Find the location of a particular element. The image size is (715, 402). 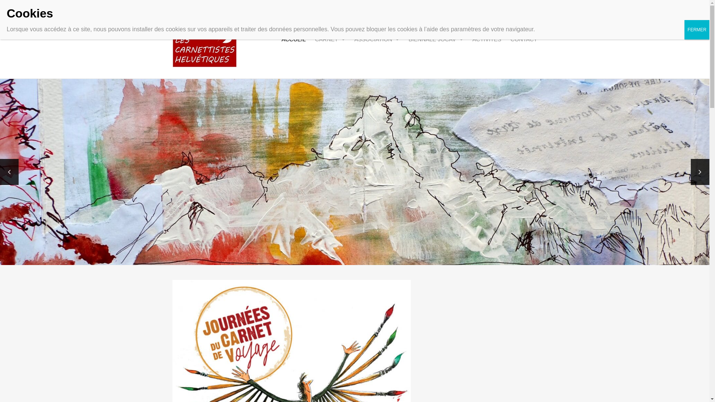

'CONTACT' is located at coordinates (523, 39).